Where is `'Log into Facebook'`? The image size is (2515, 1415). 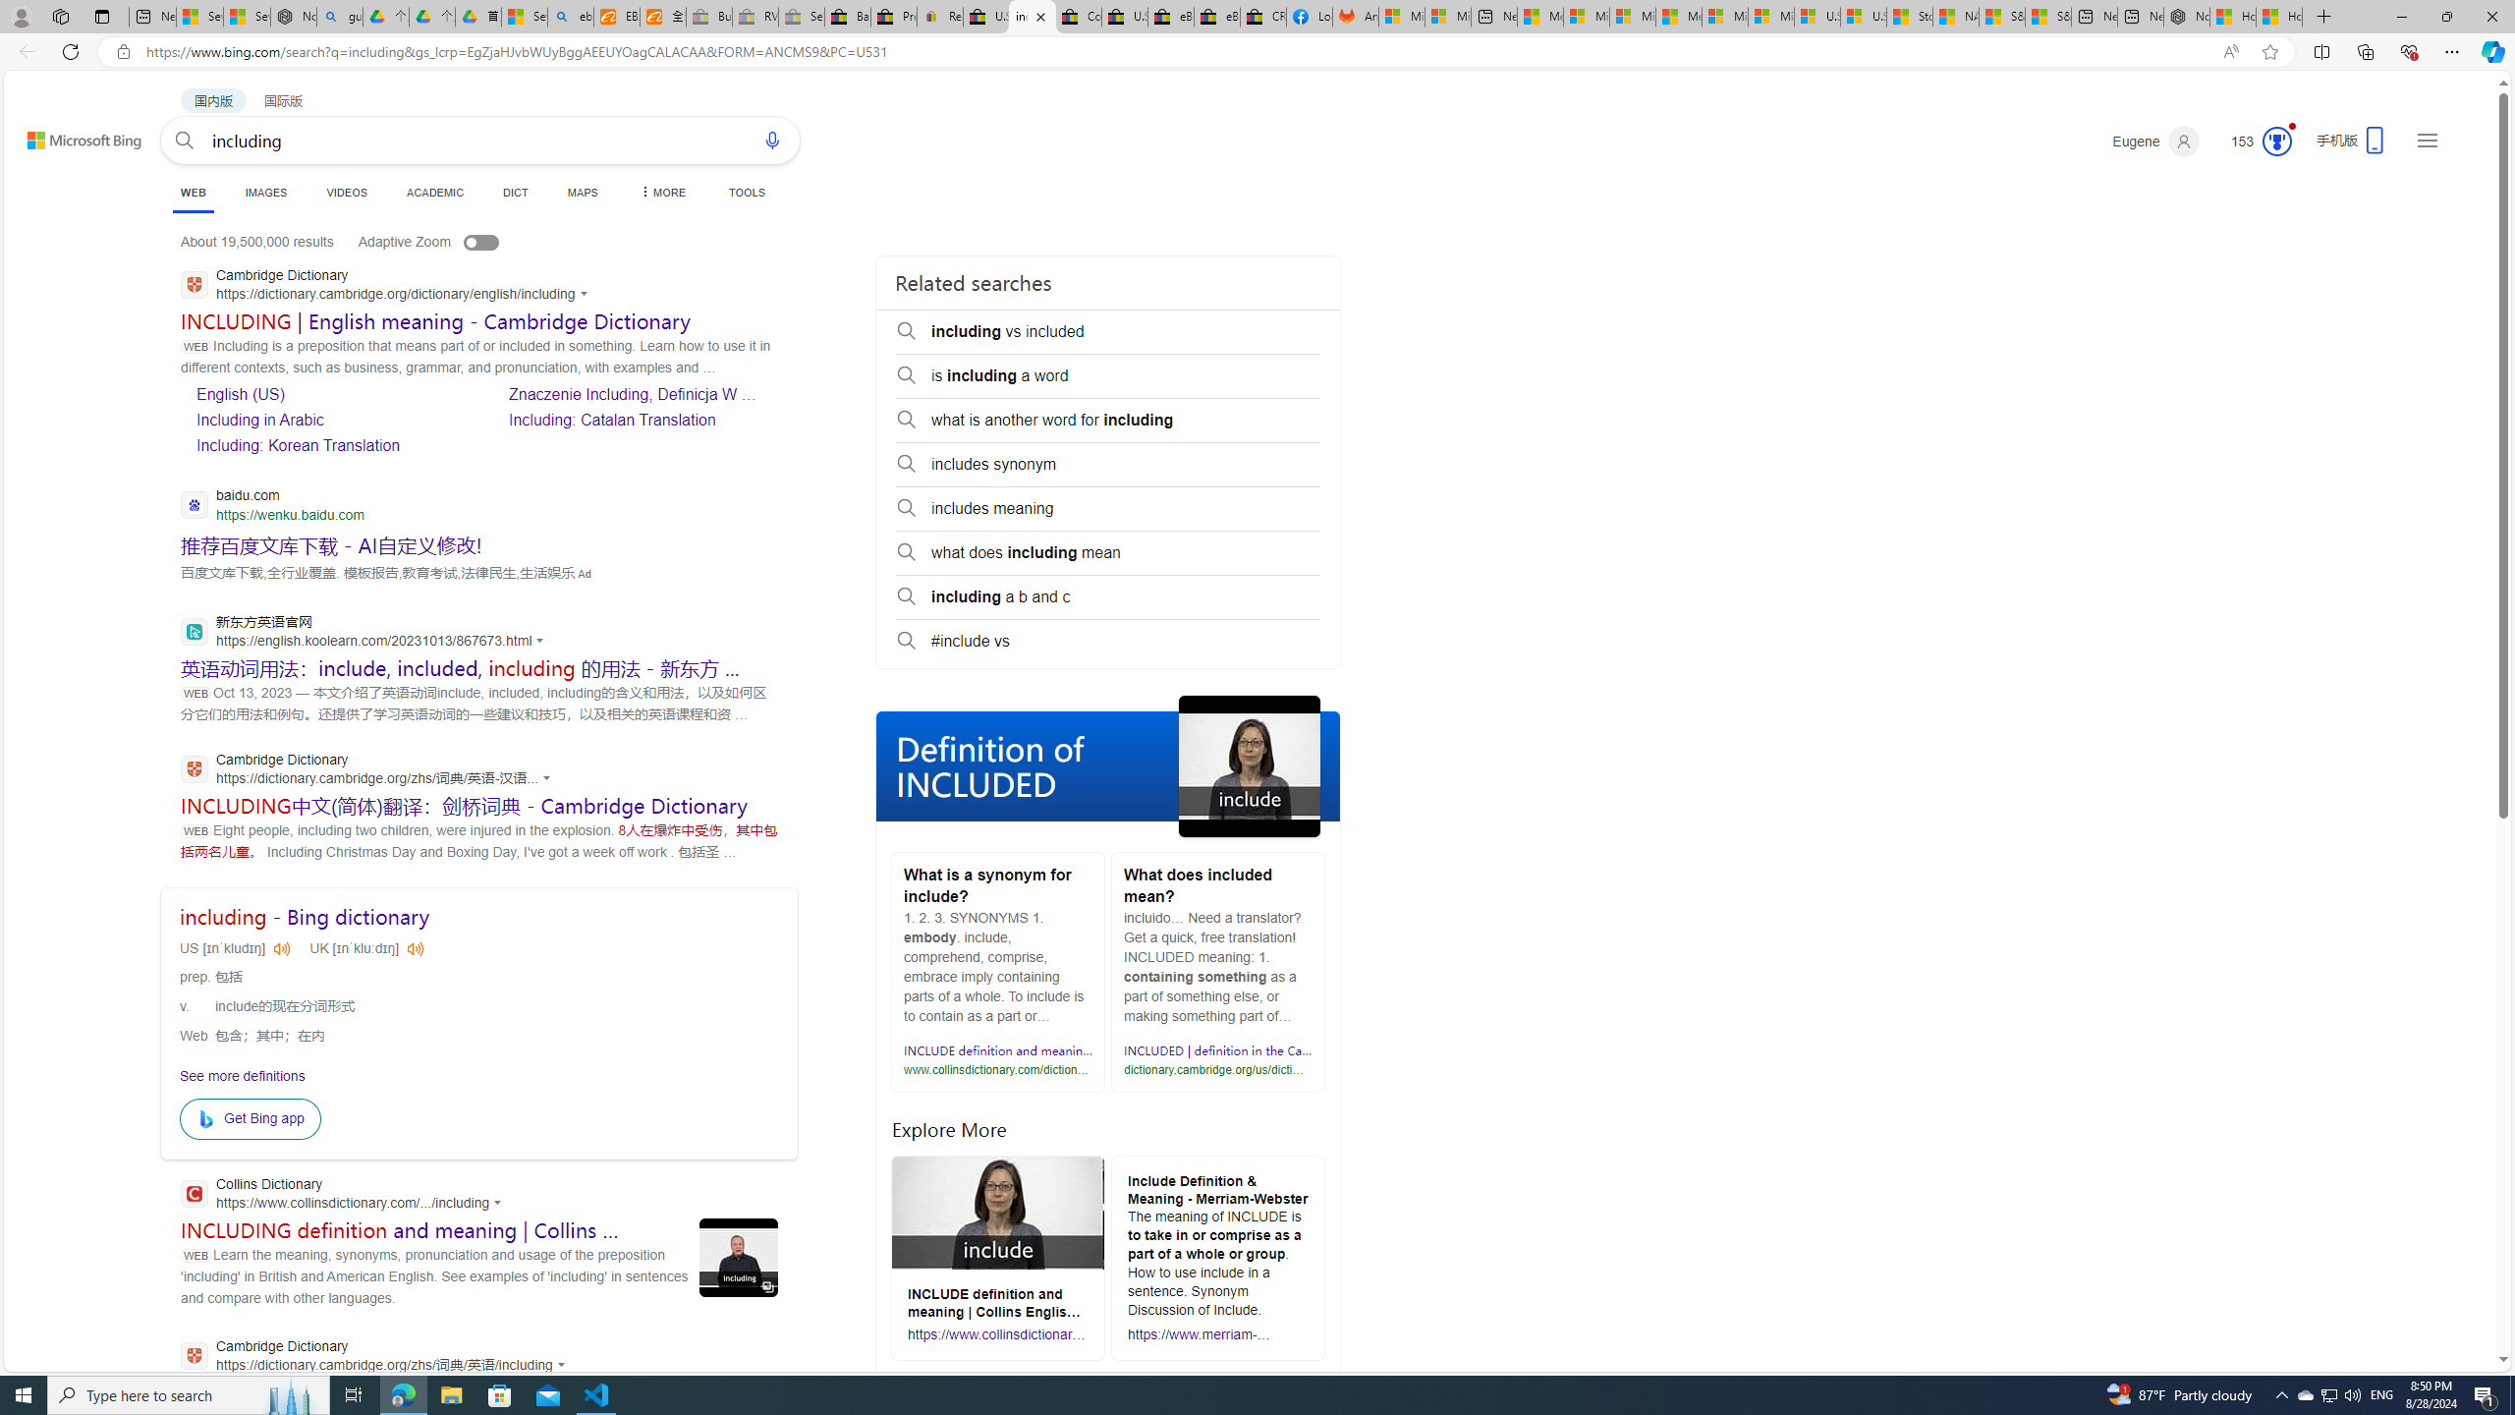
'Log into Facebook' is located at coordinates (1309, 16).